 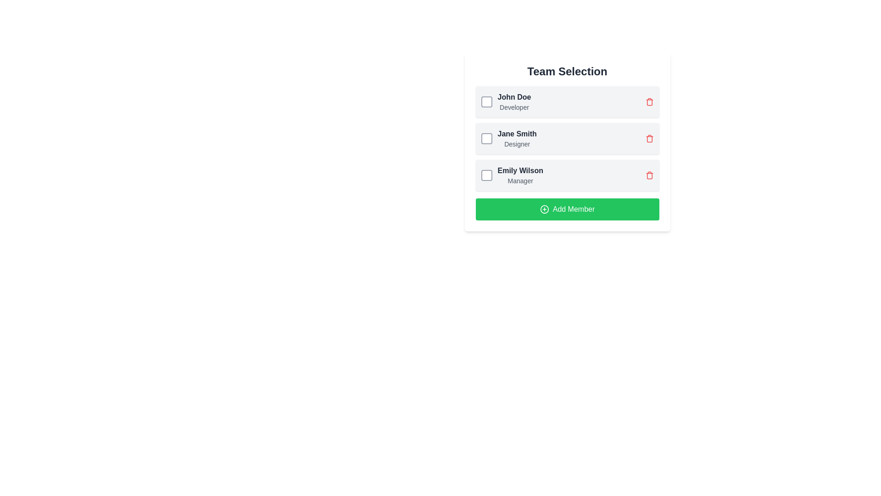 What do you see at coordinates (514, 107) in the screenshot?
I see `the text label that displays 'Developer', which is located directly below the name 'John Doe' in the 'Team Selection' interface` at bounding box center [514, 107].